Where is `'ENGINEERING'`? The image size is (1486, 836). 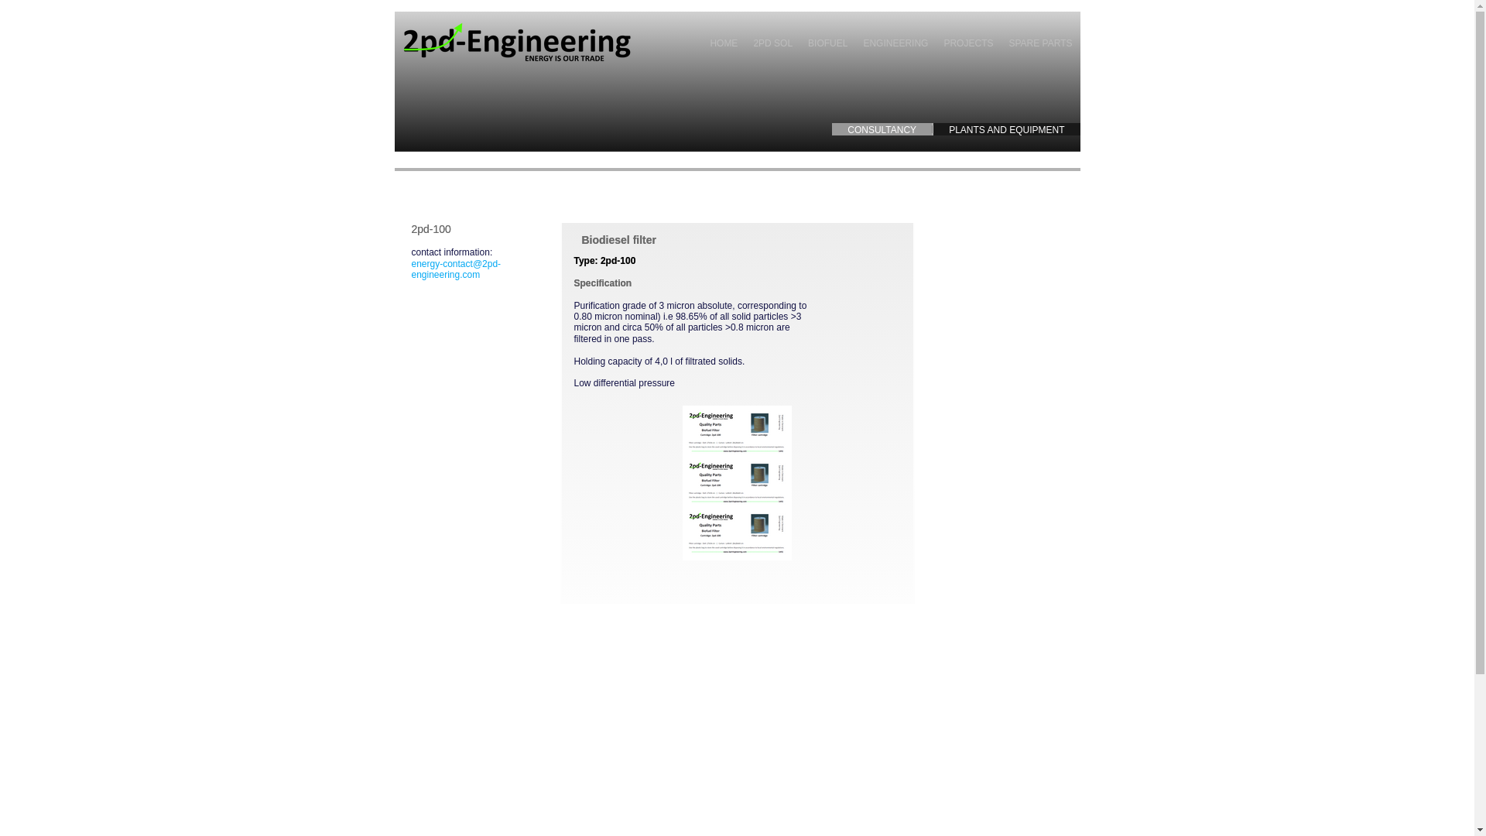 'ENGINEERING' is located at coordinates (895, 43).